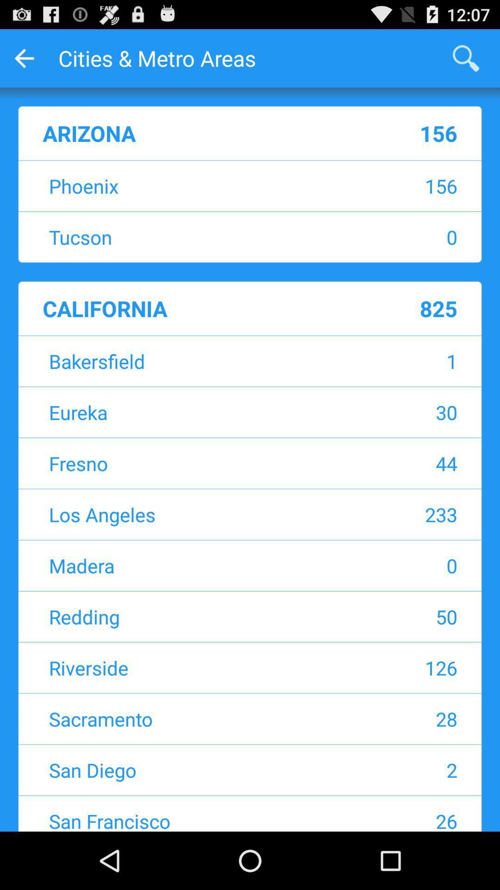 This screenshot has height=890, width=500. Describe the element at coordinates (192, 361) in the screenshot. I see `app next to 1 icon` at that location.